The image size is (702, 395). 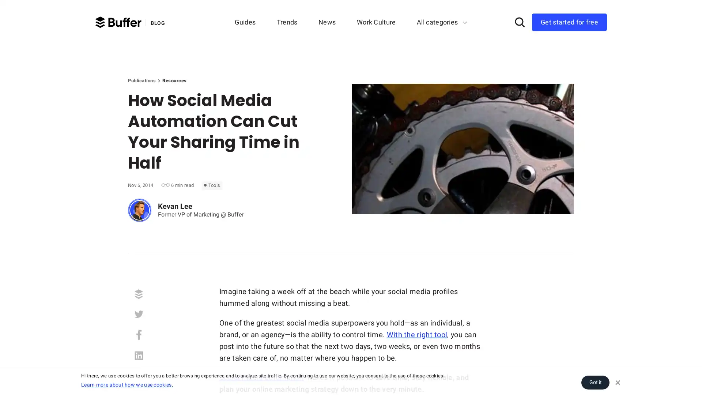 What do you see at coordinates (441, 22) in the screenshot?
I see `All categories` at bounding box center [441, 22].